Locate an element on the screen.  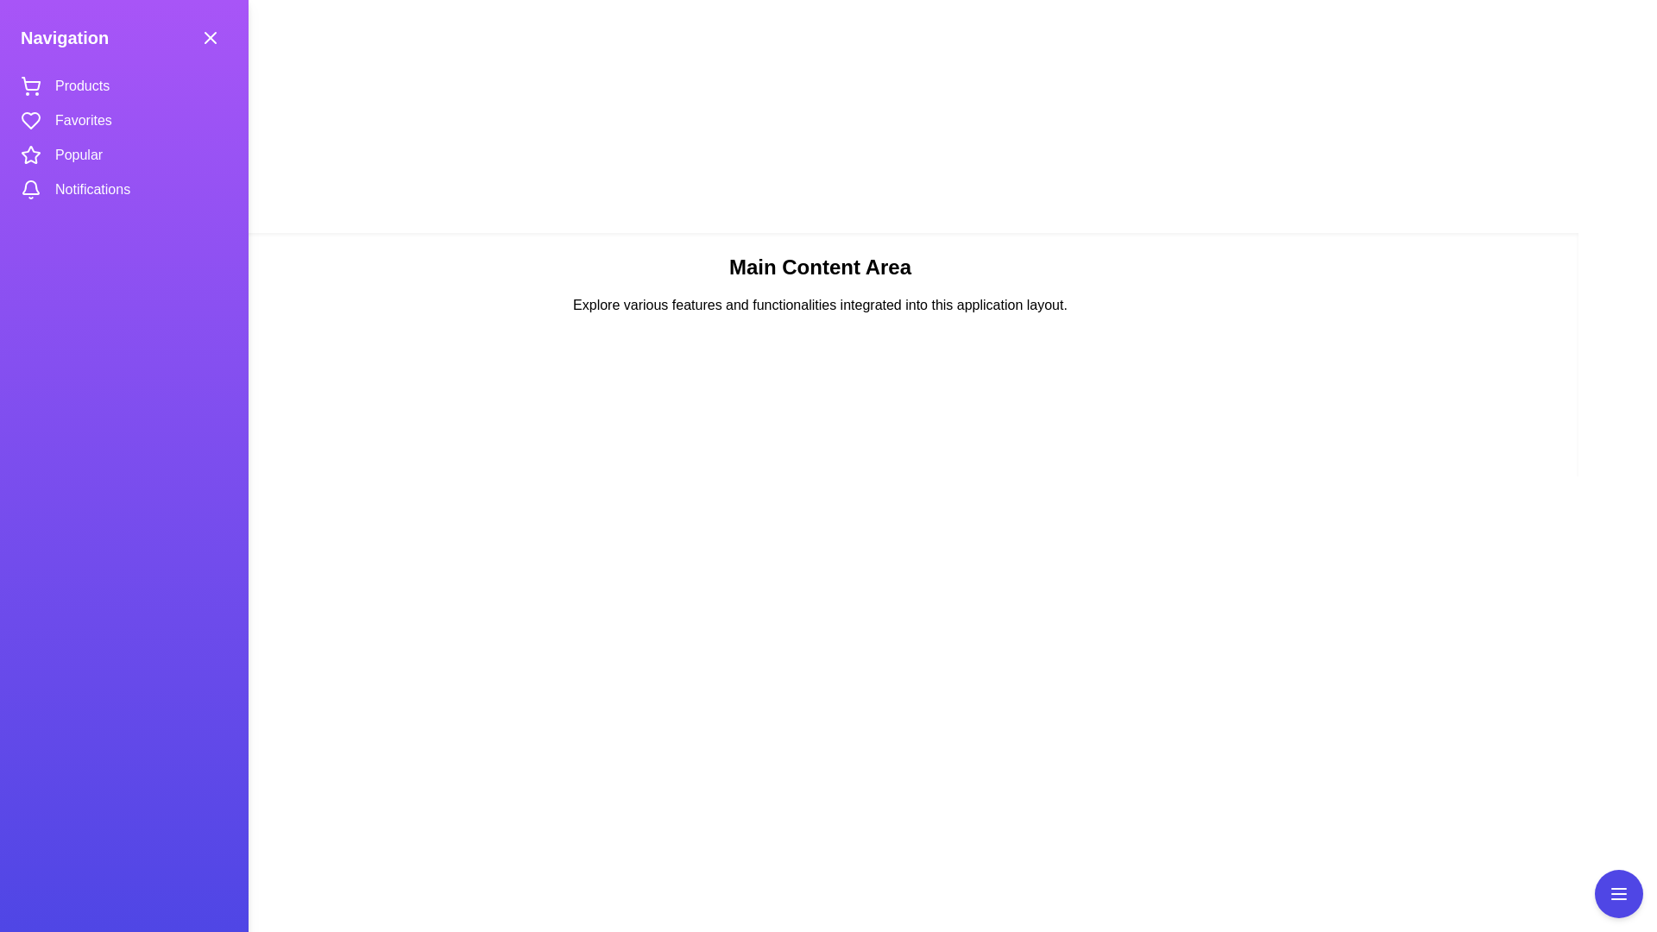
the icon representing the Notifications section in the navigation is located at coordinates (30, 189).